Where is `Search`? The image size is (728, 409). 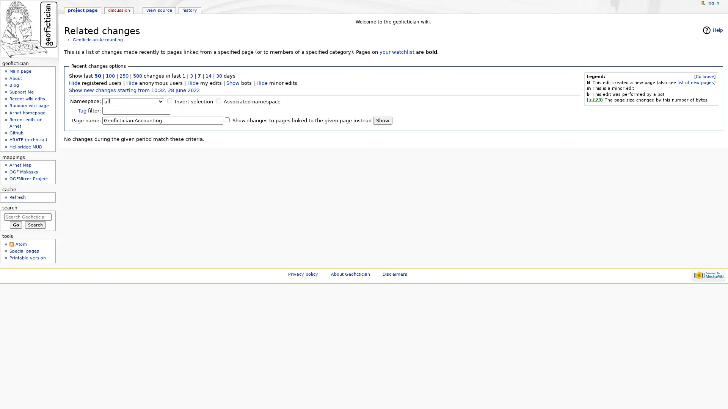
Search is located at coordinates (35, 225).